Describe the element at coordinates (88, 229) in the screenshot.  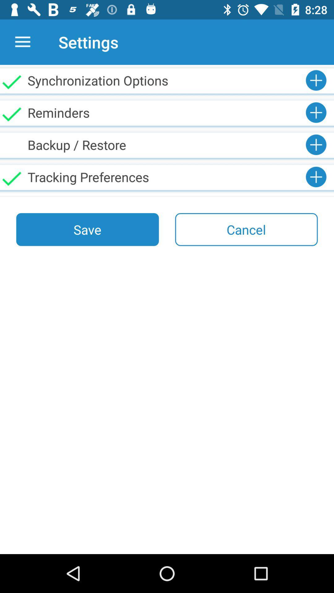
I see `the icon next to the cancel icon` at that location.